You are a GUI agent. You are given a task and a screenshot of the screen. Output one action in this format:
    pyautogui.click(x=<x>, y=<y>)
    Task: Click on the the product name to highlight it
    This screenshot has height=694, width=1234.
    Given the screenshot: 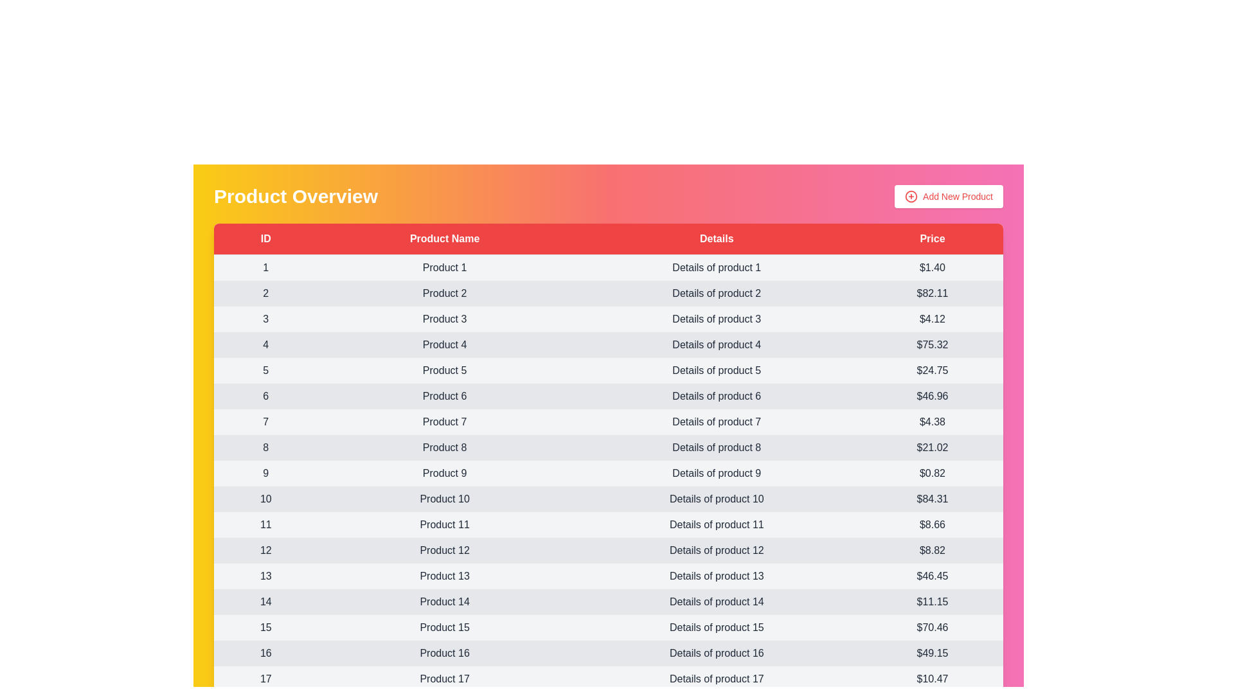 What is the action you would take?
    pyautogui.click(x=444, y=267)
    